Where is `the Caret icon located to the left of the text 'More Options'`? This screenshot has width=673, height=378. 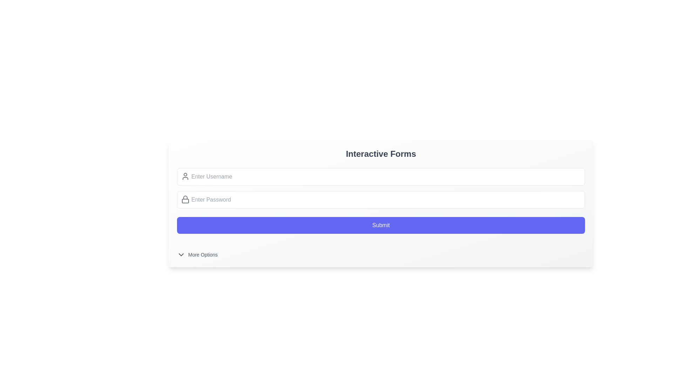
the Caret icon located to the left of the text 'More Options' is located at coordinates (181, 255).